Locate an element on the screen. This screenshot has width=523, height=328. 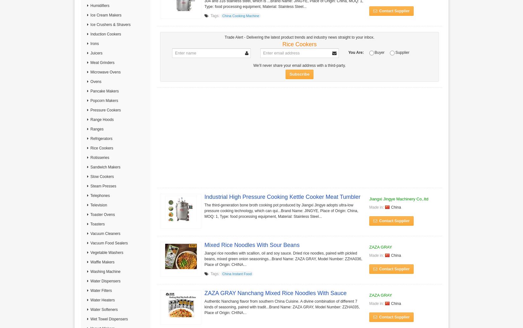
'Washing Machine' is located at coordinates (105, 272).